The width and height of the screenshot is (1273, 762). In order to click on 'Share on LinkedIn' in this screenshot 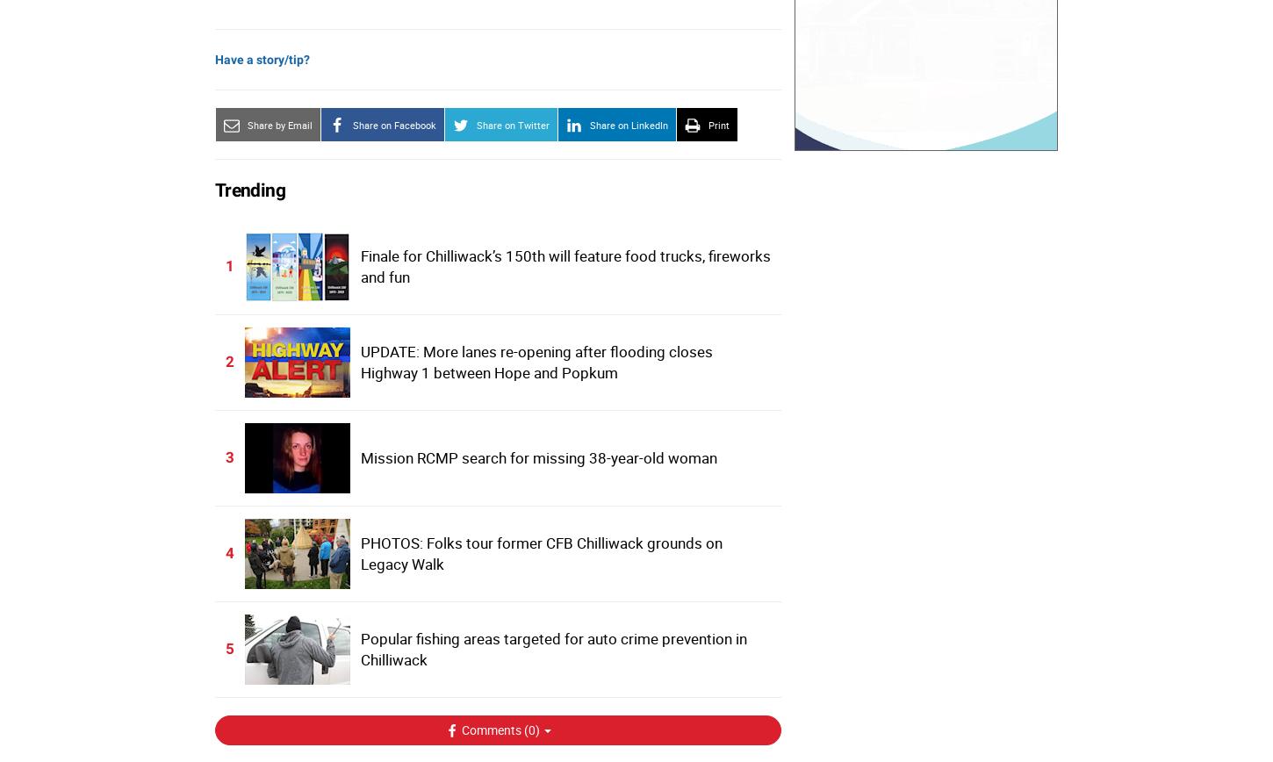, I will do `click(628, 124)`.